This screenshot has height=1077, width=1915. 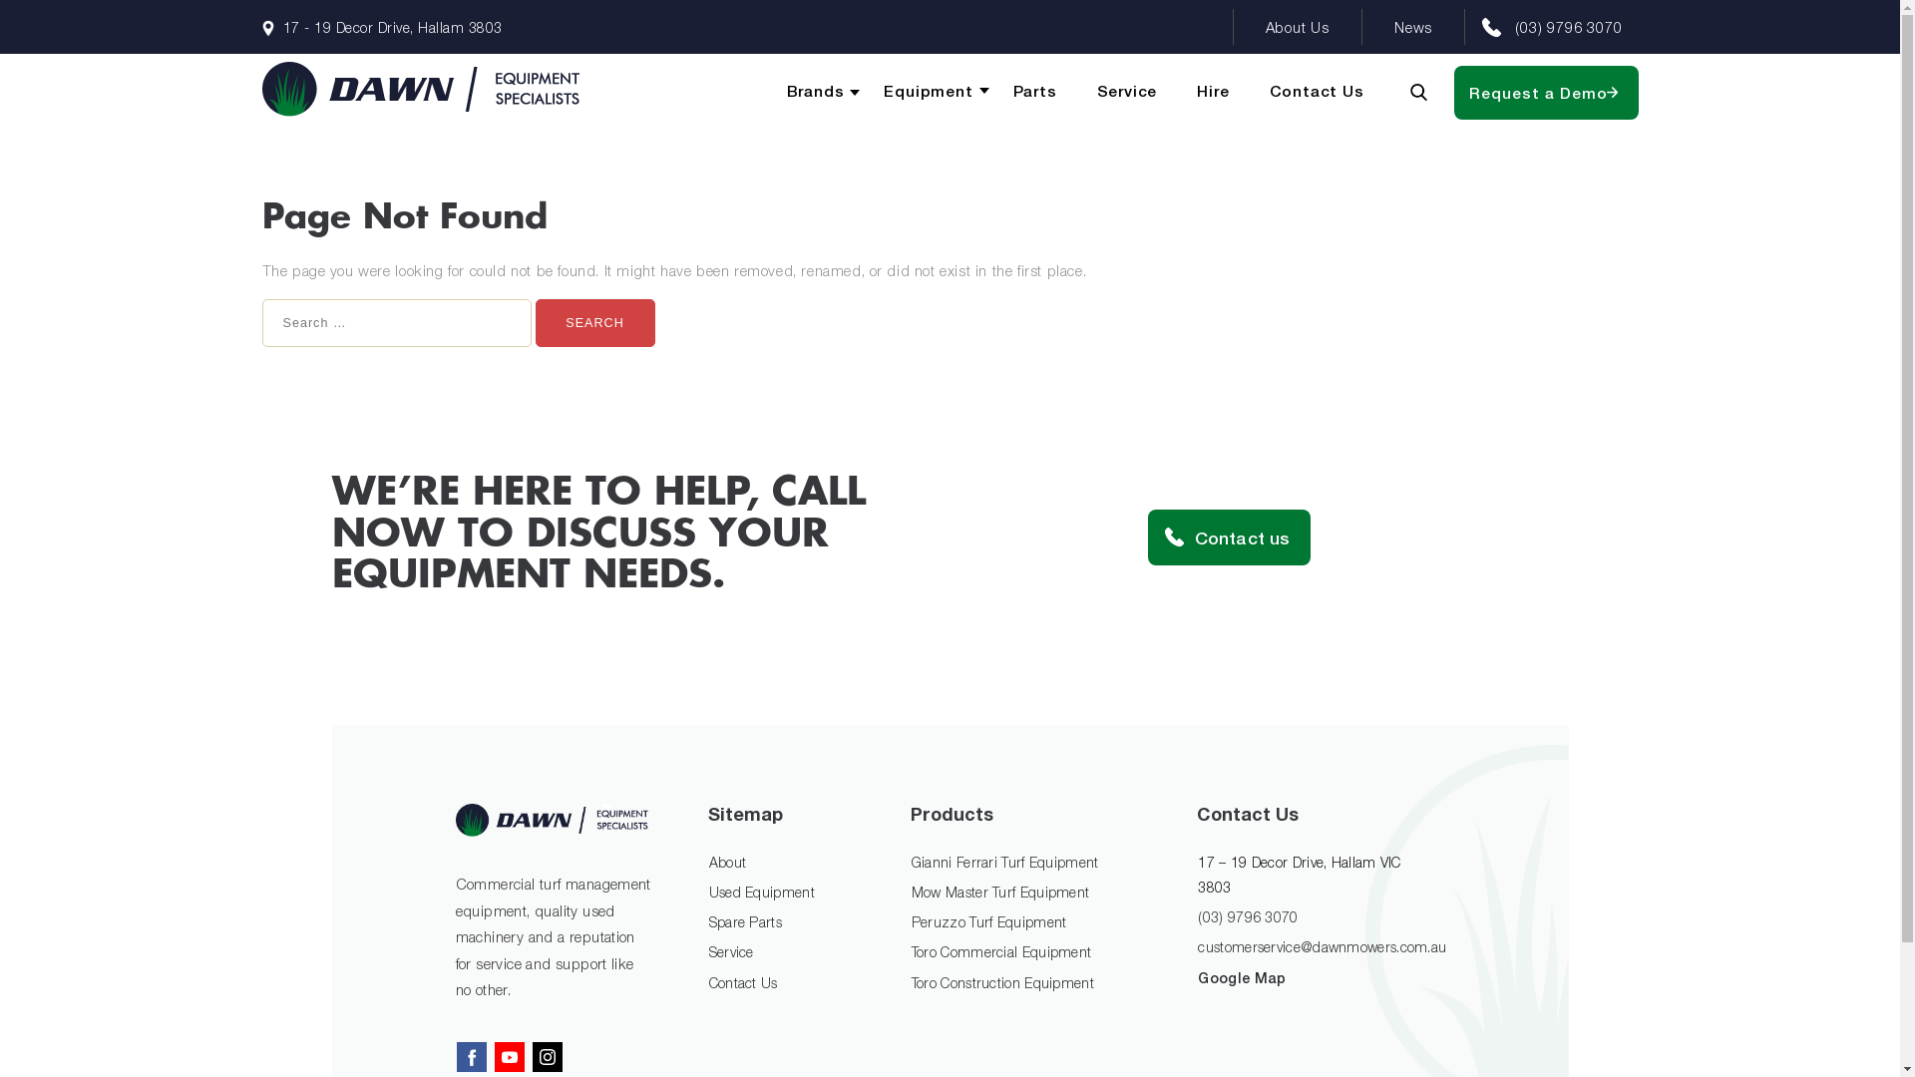 I want to click on 'About', so click(x=708, y=861).